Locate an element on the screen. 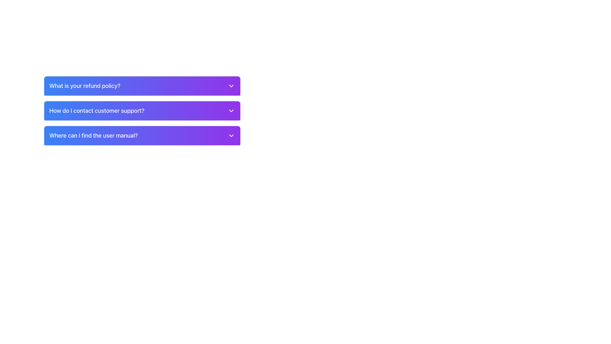  the Dropdown Indicator Icon, which is a downward-pointing chevron located on the right side of the button labeled 'How do I contact customer support?' is located at coordinates (231, 110).